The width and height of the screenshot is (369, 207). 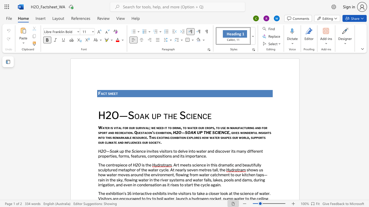 I want to click on the 1th character "t" in the text, so click(x=106, y=93).